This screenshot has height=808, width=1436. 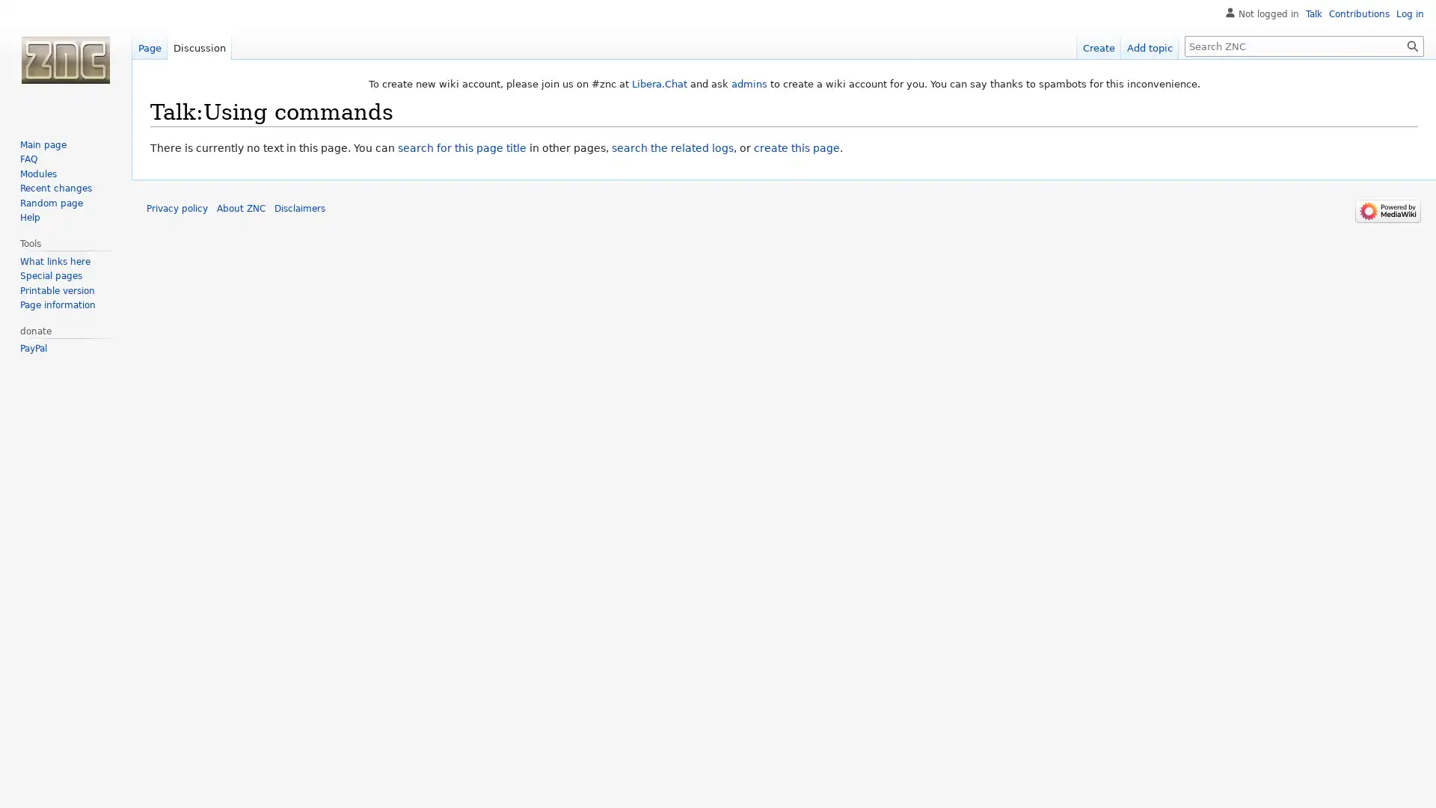 I want to click on Go, so click(x=1412, y=45).